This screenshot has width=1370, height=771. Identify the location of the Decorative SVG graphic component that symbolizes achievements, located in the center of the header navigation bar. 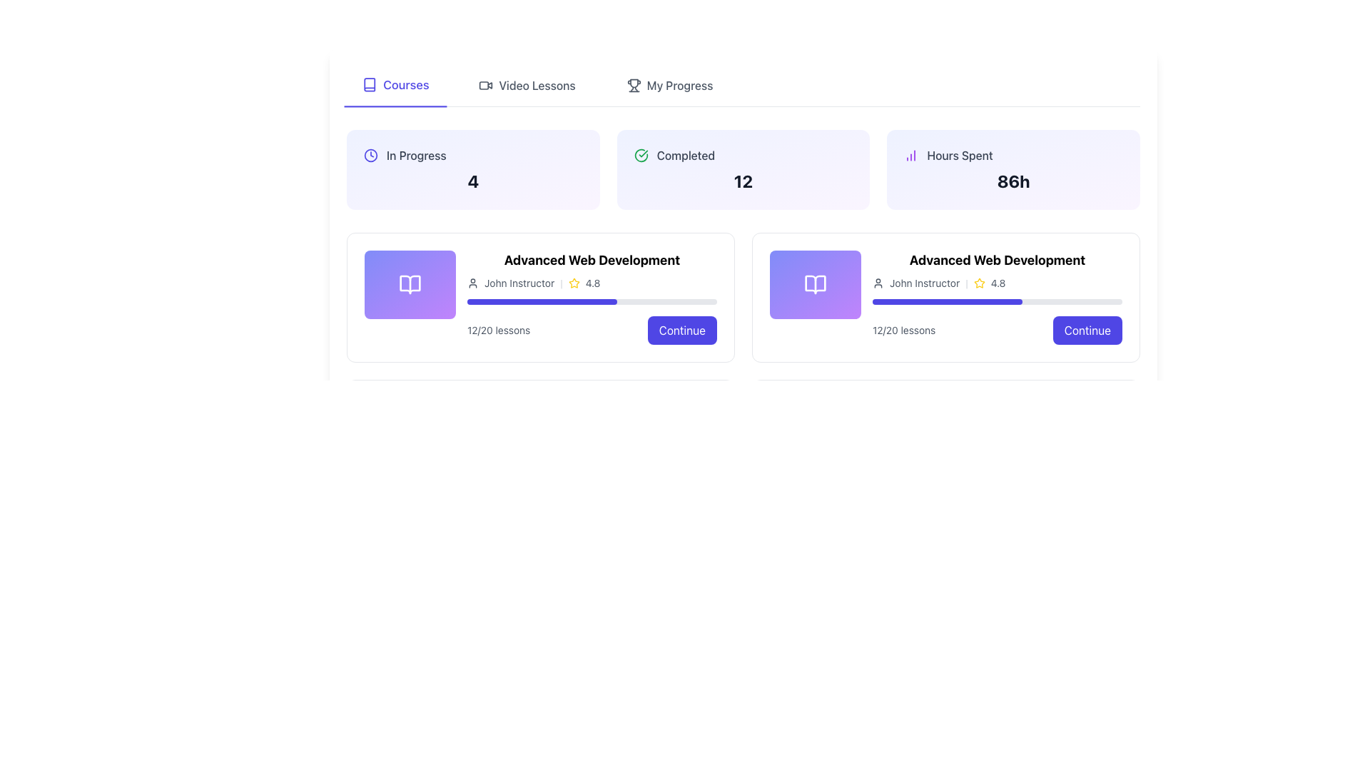
(633, 84).